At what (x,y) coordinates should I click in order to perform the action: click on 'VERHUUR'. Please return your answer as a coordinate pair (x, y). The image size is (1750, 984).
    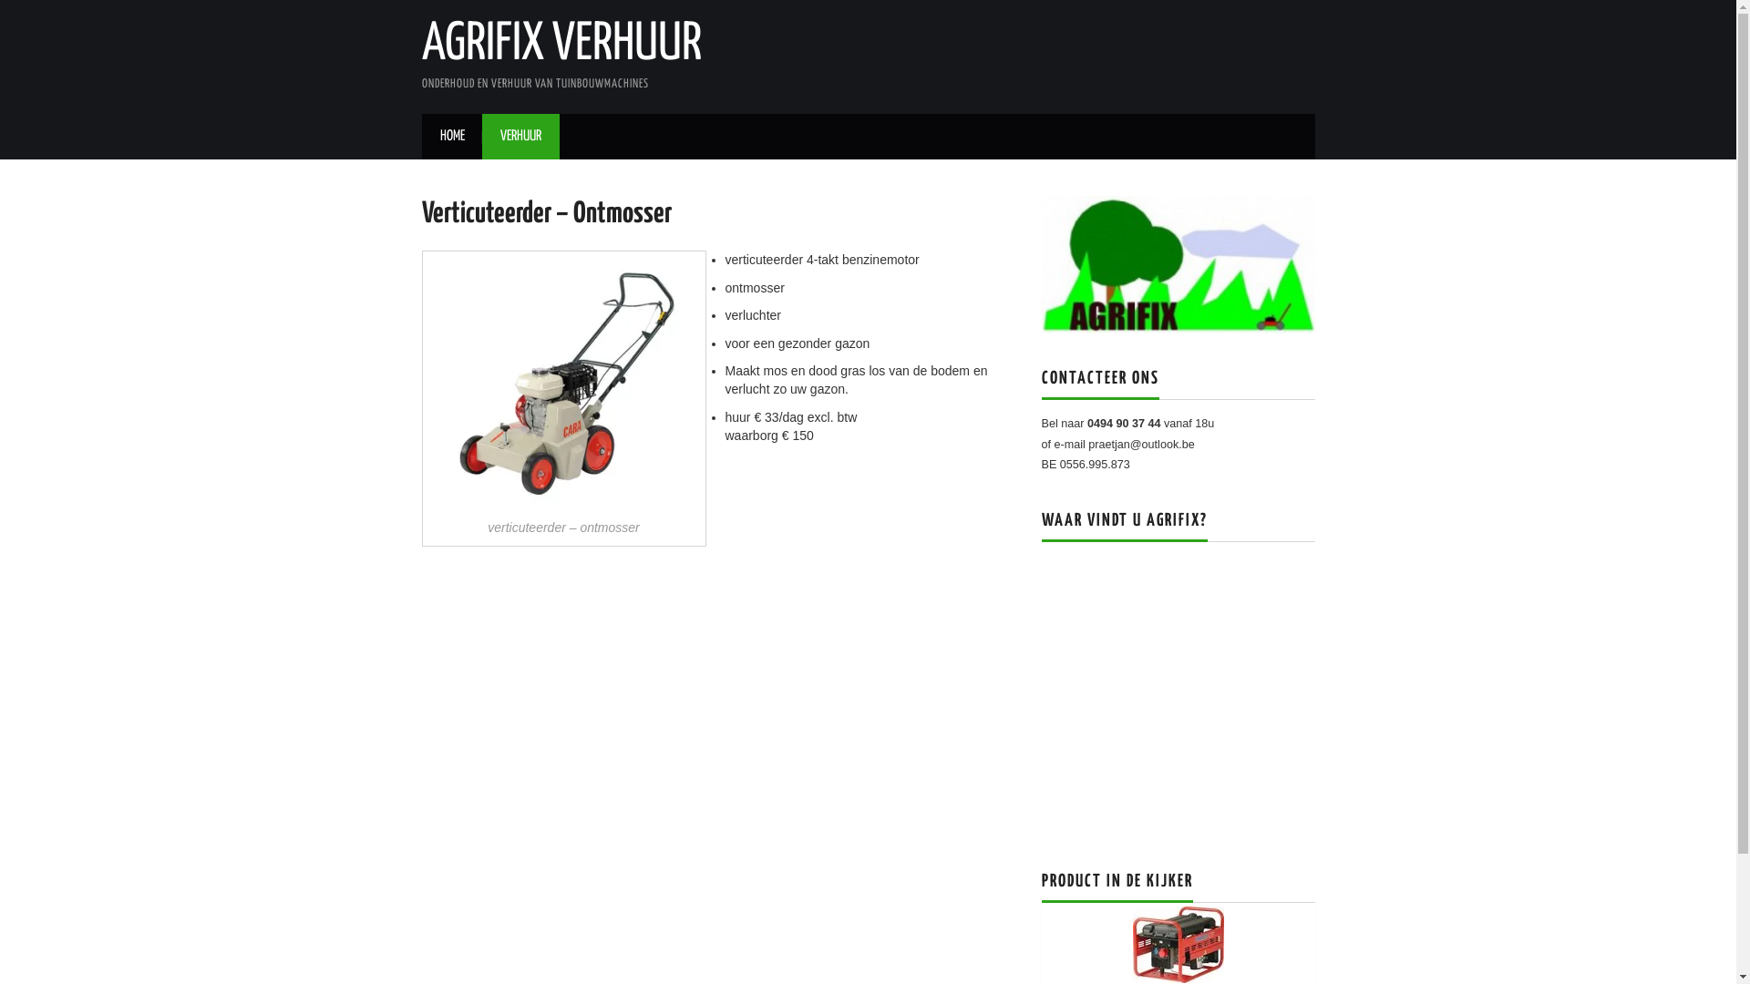
    Looking at the image, I should click on (519, 136).